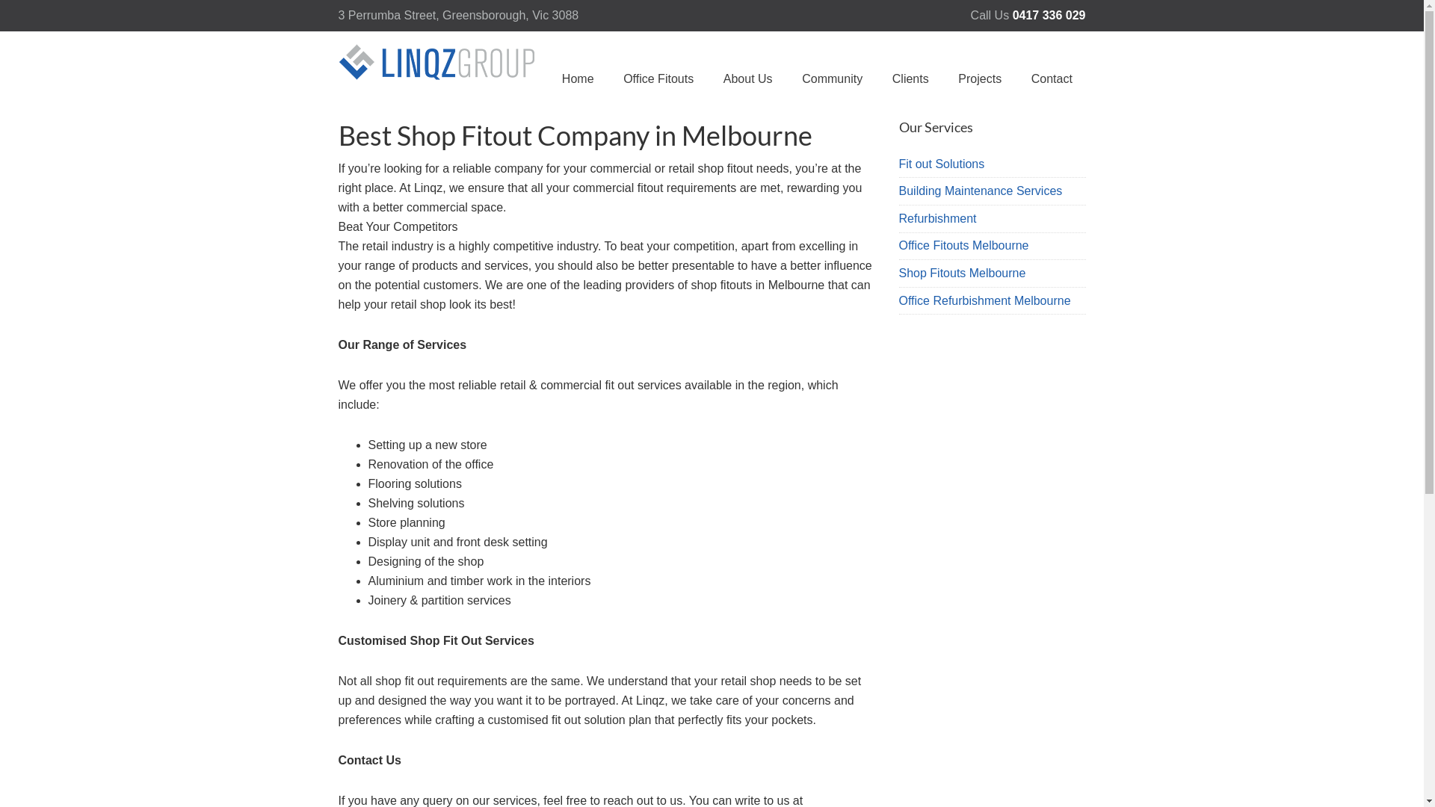 The image size is (1435, 807). What do you see at coordinates (910, 78) in the screenshot?
I see `'Clients'` at bounding box center [910, 78].